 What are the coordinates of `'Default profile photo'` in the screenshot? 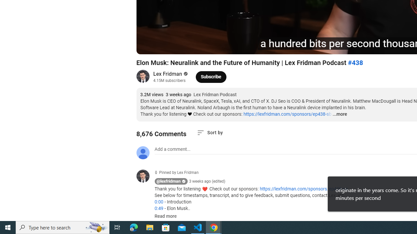 It's located at (143, 153).